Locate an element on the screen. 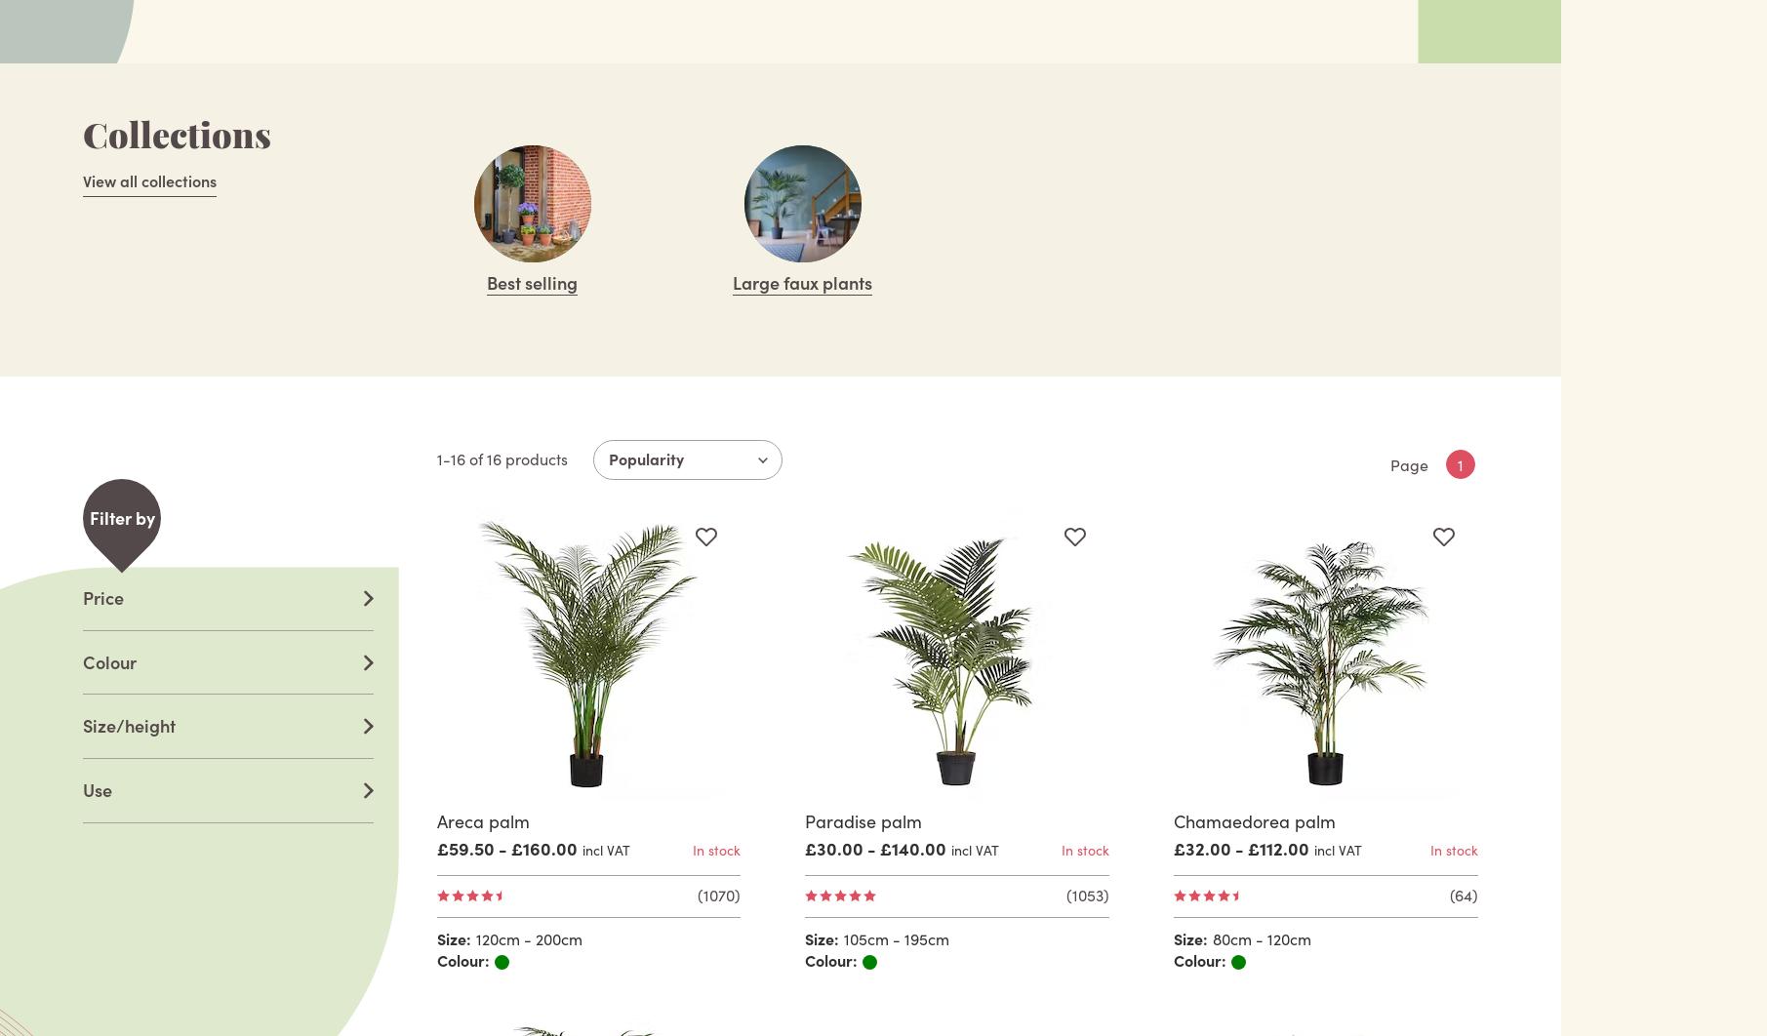 This screenshot has width=1767, height=1036. 'Areca palm' is located at coordinates (482, 819).